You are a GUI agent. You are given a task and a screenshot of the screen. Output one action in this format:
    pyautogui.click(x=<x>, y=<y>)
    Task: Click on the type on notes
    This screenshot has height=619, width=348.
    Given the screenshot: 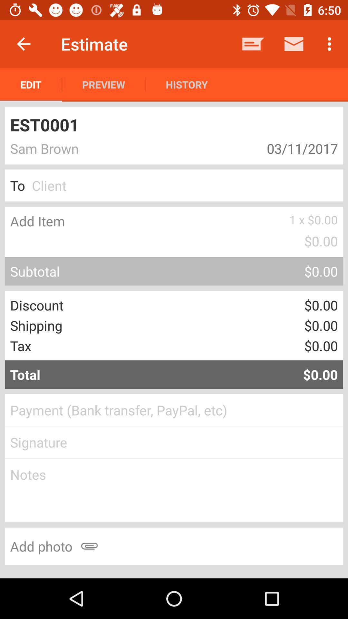 What is the action you would take?
    pyautogui.click(x=174, y=490)
    